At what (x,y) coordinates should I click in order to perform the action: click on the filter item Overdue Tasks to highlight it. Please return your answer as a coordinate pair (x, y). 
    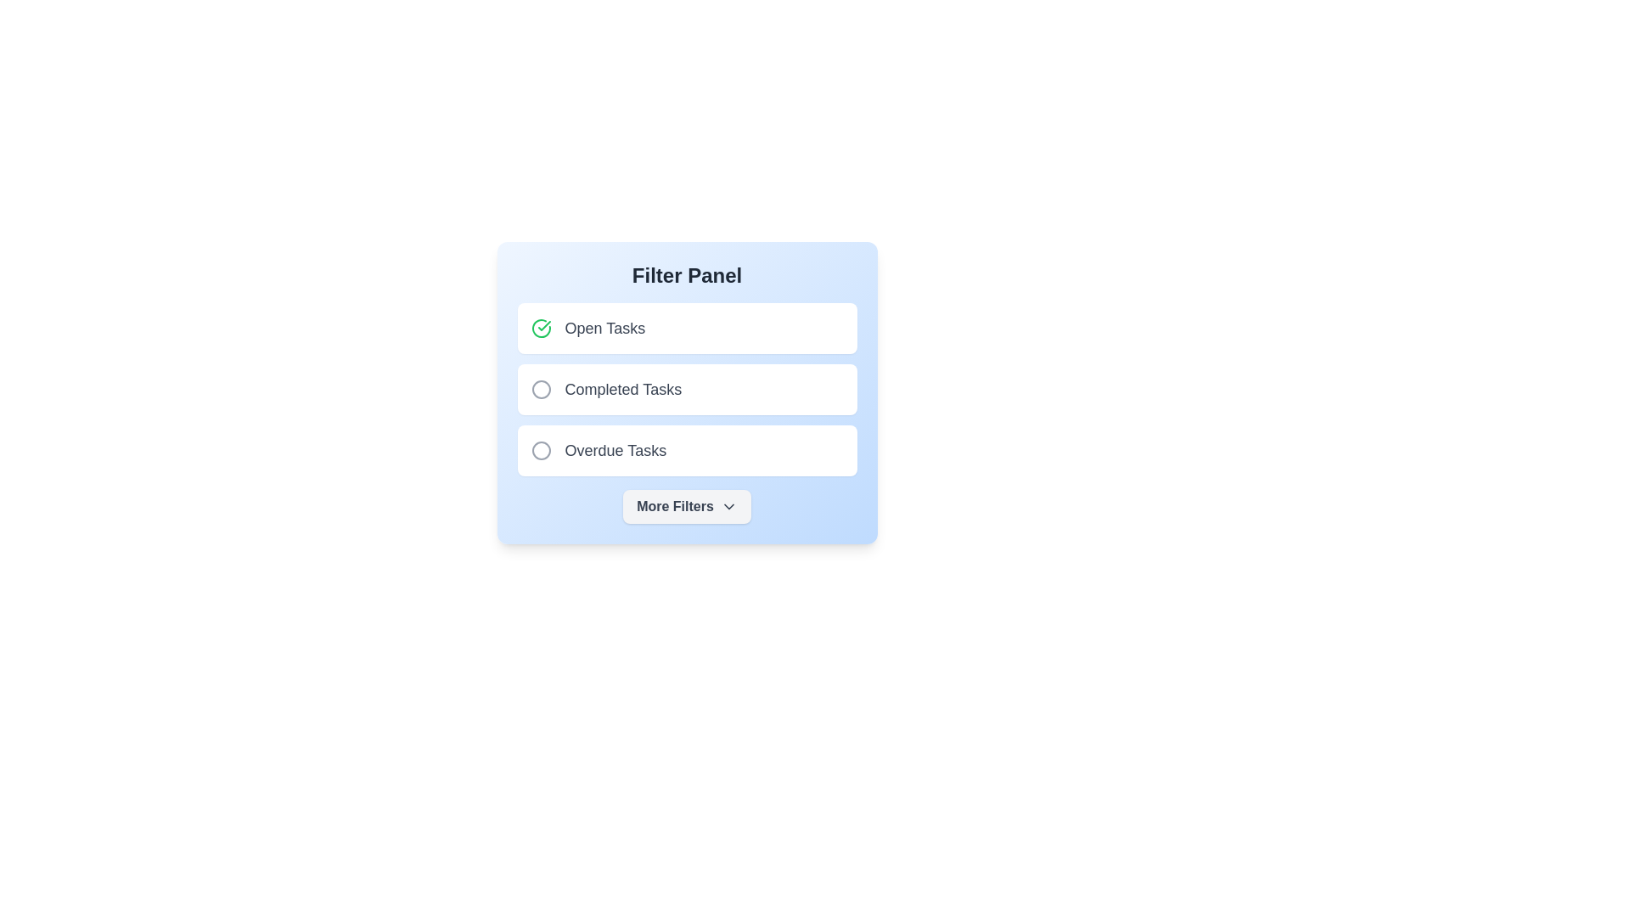
    Looking at the image, I should click on (540, 450).